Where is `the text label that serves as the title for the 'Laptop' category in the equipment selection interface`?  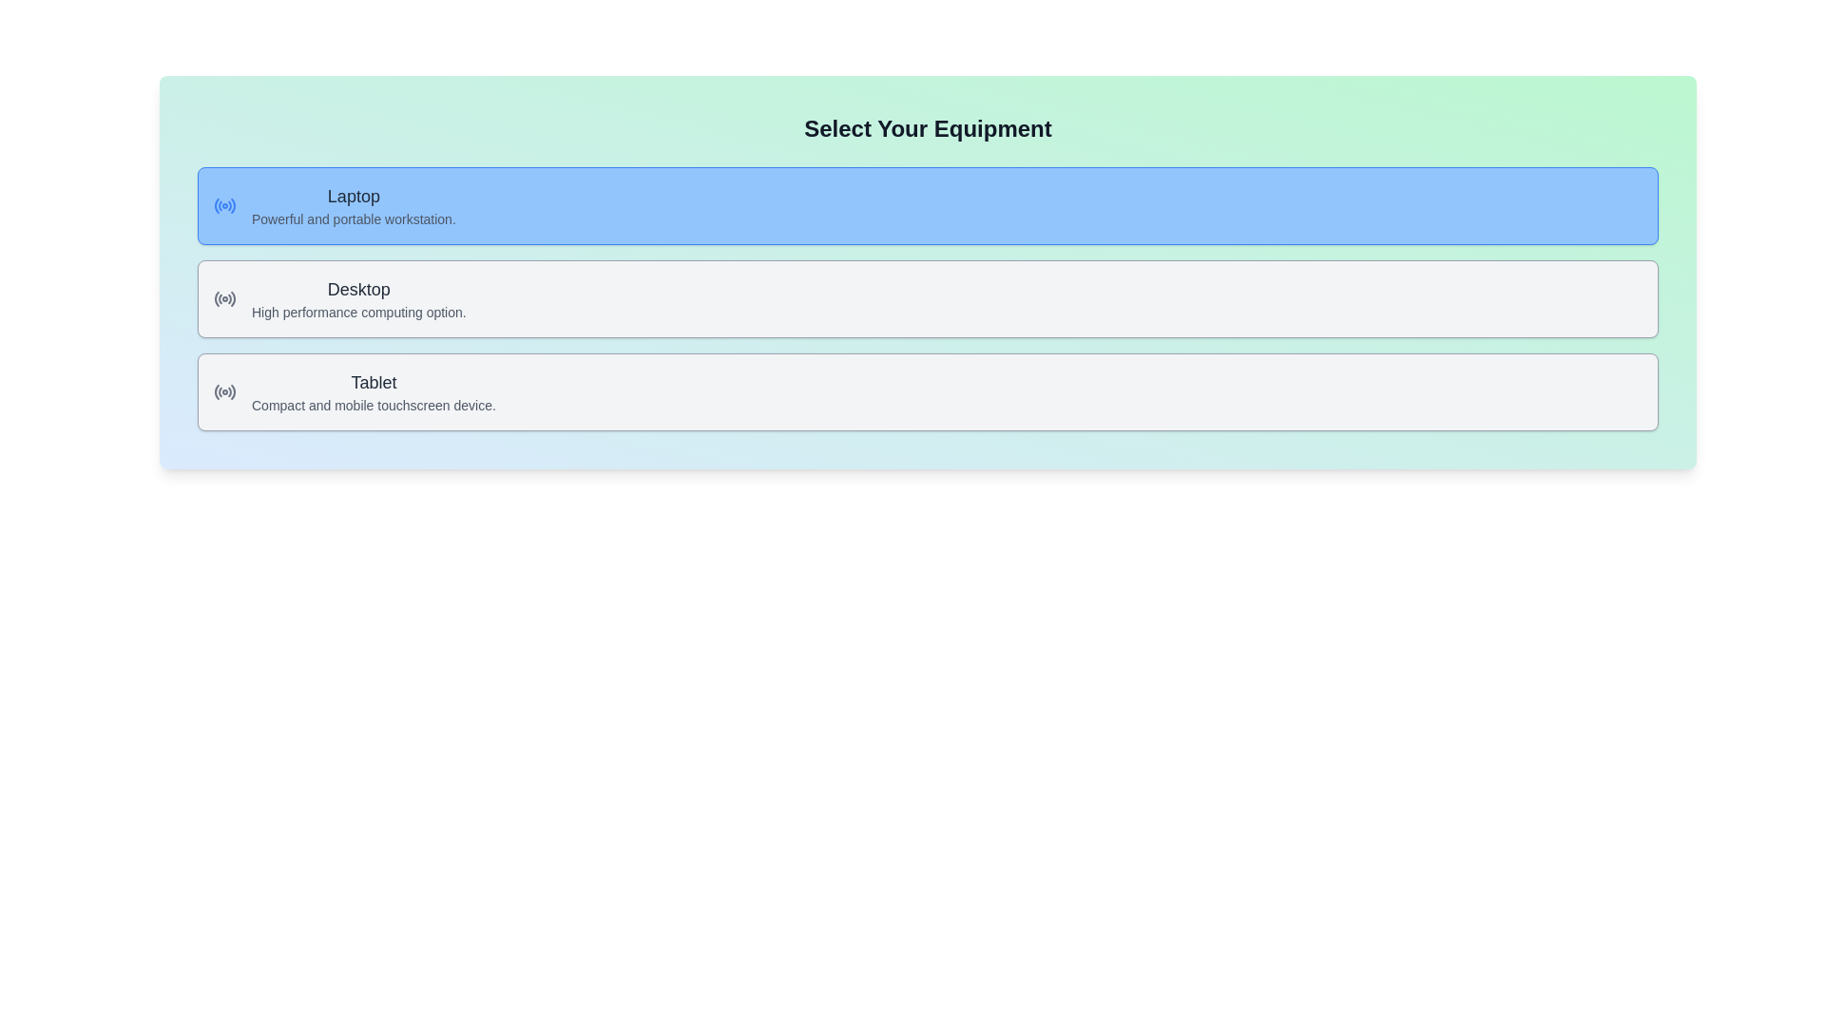
the text label that serves as the title for the 'Laptop' category in the equipment selection interface is located at coordinates (354, 197).